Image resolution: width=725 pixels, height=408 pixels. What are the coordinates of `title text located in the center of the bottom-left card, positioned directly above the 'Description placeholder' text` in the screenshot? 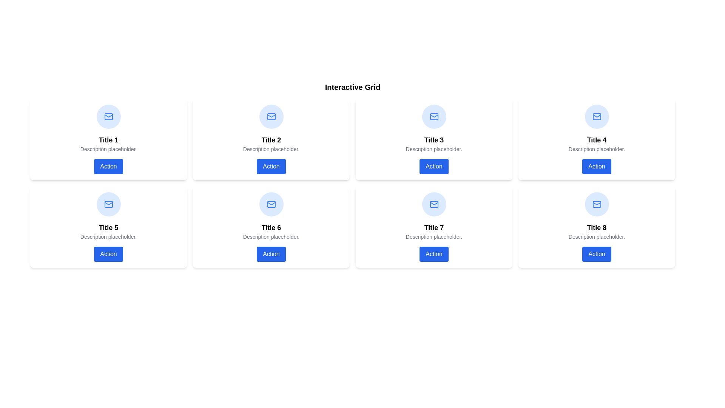 It's located at (108, 227).